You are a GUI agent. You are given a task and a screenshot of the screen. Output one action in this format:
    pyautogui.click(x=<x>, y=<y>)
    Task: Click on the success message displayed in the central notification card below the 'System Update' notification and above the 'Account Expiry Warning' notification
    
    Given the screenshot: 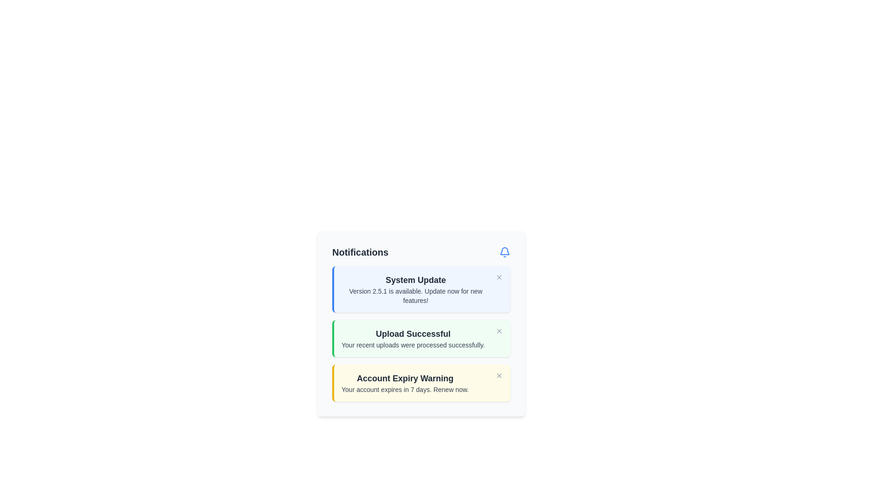 What is the action you would take?
    pyautogui.click(x=422, y=338)
    